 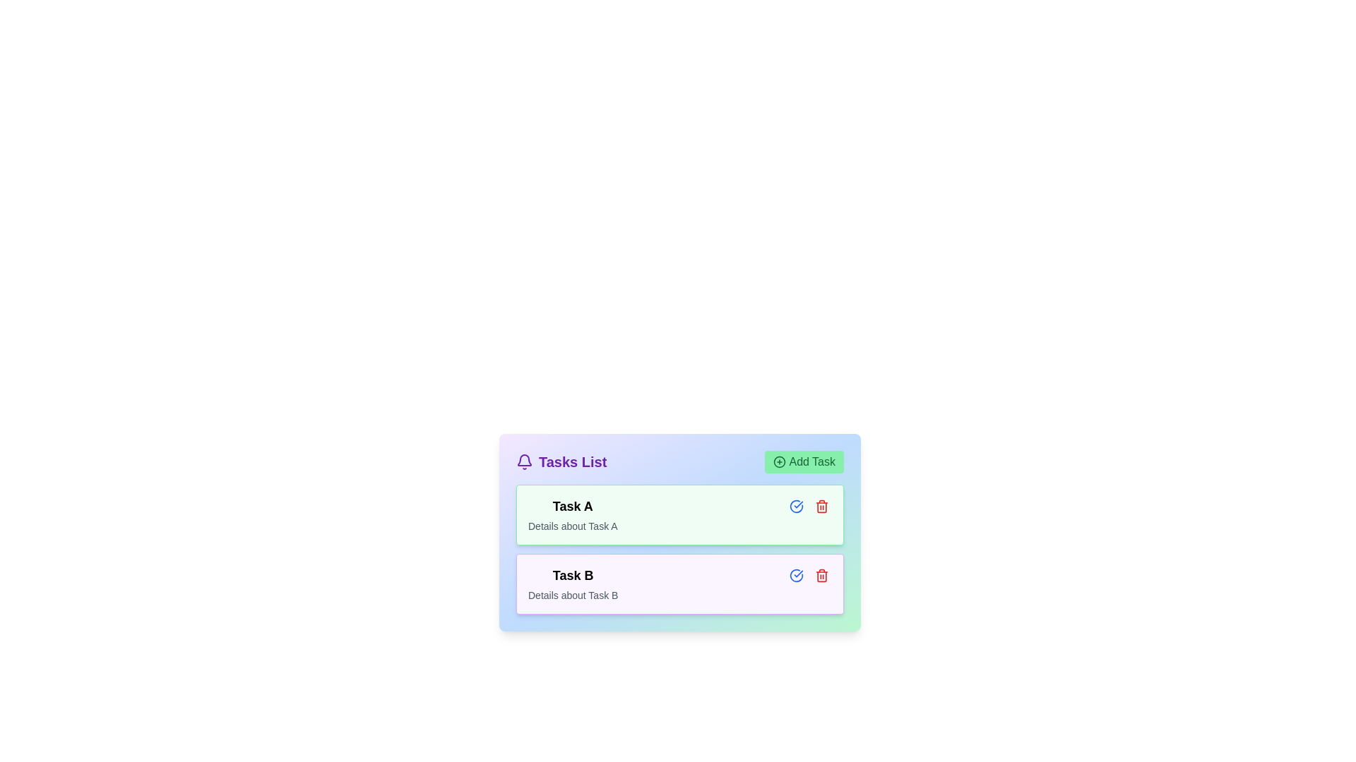 What do you see at coordinates (524, 462) in the screenshot?
I see `the notification icon located at the upper-left part of the 'Tasks List' section, which is positioned before the text 'Tasks List'` at bounding box center [524, 462].